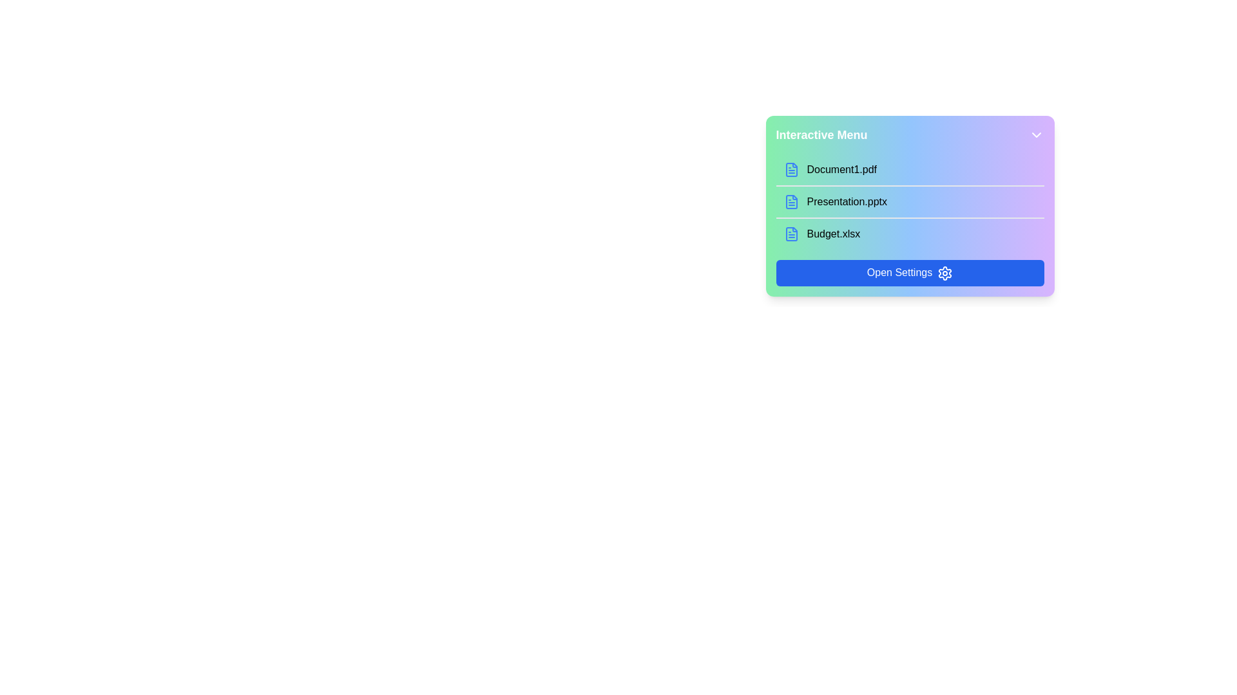 This screenshot has height=695, width=1237. Describe the element at coordinates (945, 272) in the screenshot. I see `the settings icon located inside the blue 'Open Settings' button in the gradient-colored interactive menu for information about its associated function` at that location.